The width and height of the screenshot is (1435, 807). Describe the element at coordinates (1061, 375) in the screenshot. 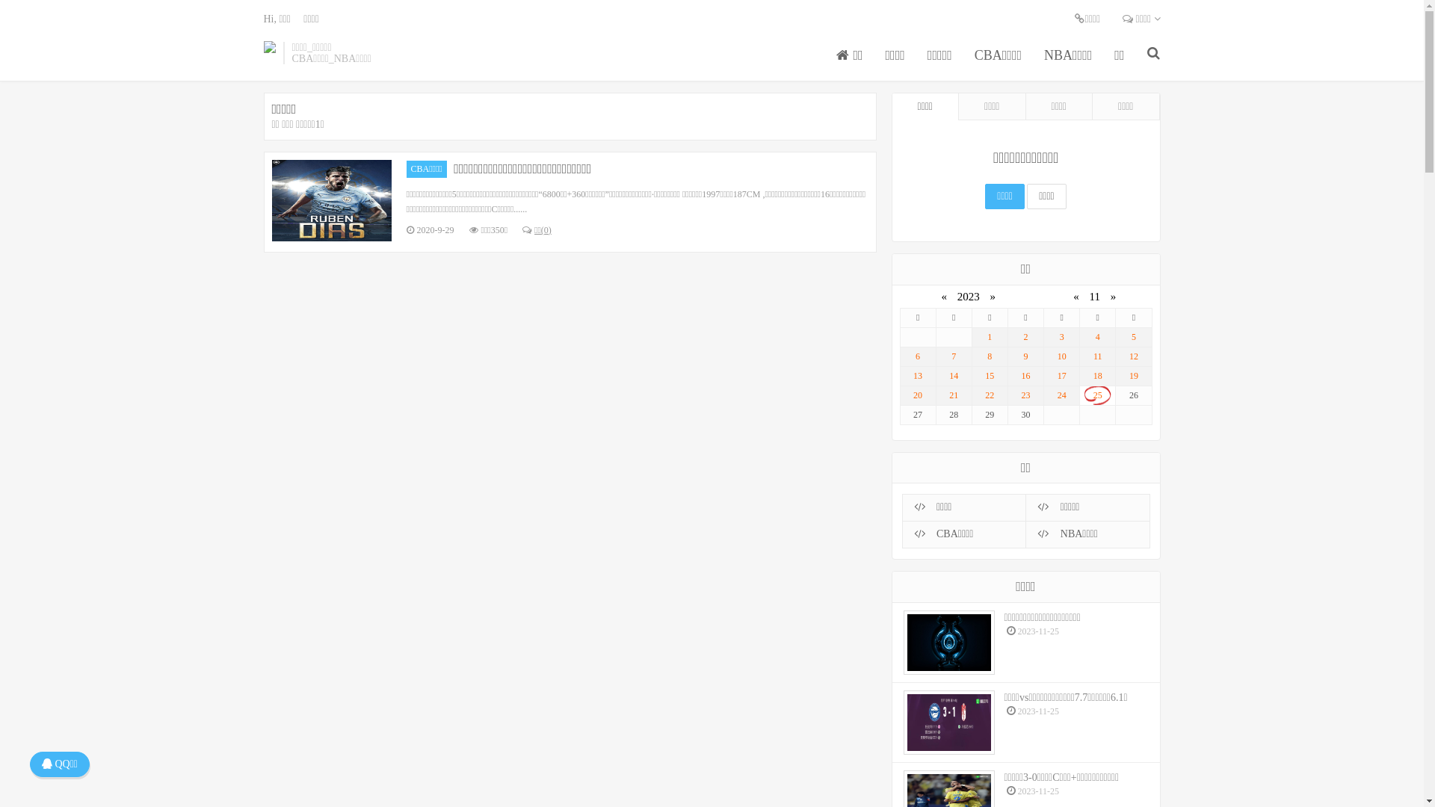

I see `'17'` at that location.